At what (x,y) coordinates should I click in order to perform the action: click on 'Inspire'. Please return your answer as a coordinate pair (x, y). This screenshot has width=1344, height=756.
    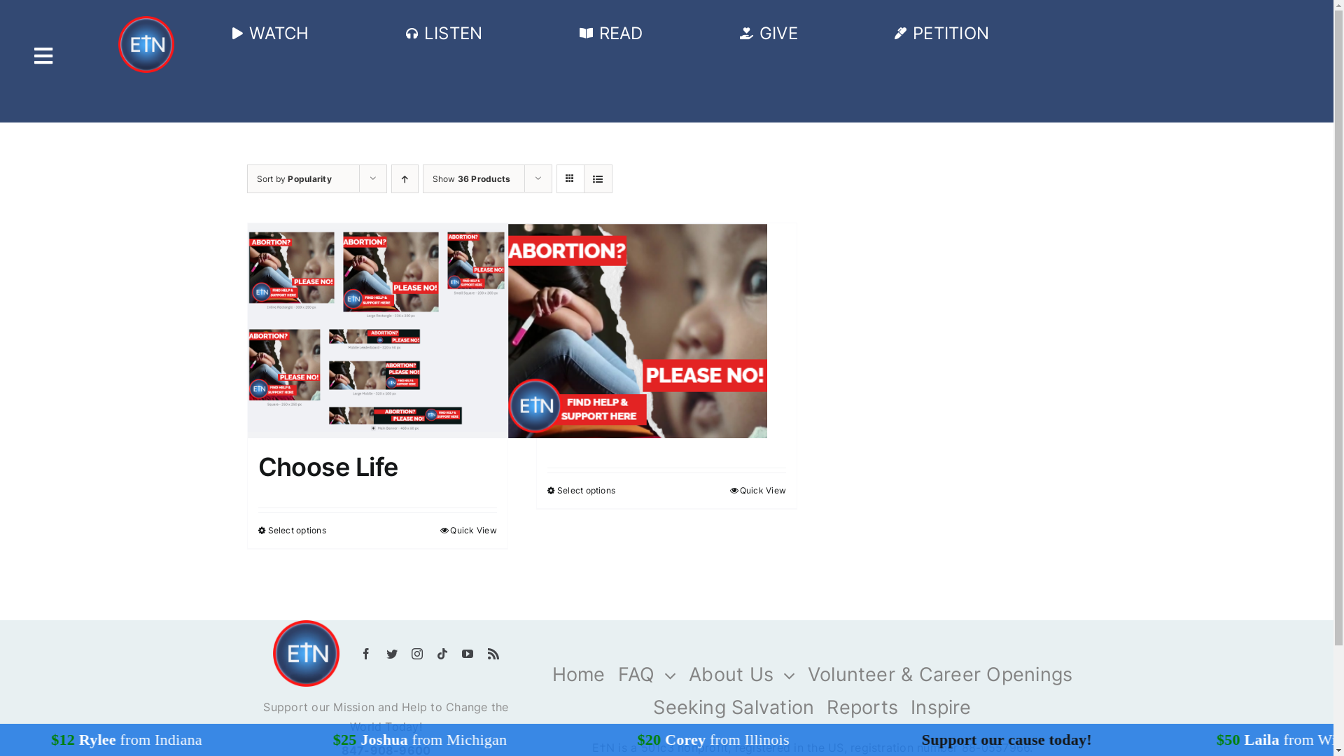
    Looking at the image, I should click on (941, 707).